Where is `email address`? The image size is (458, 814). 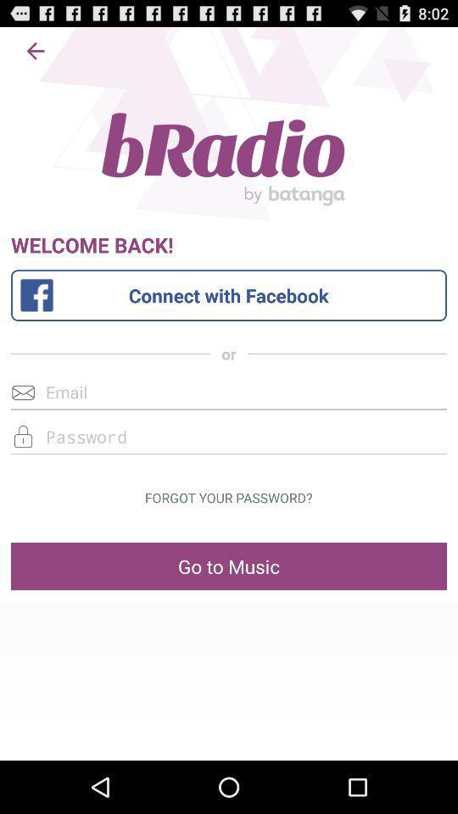 email address is located at coordinates (229, 392).